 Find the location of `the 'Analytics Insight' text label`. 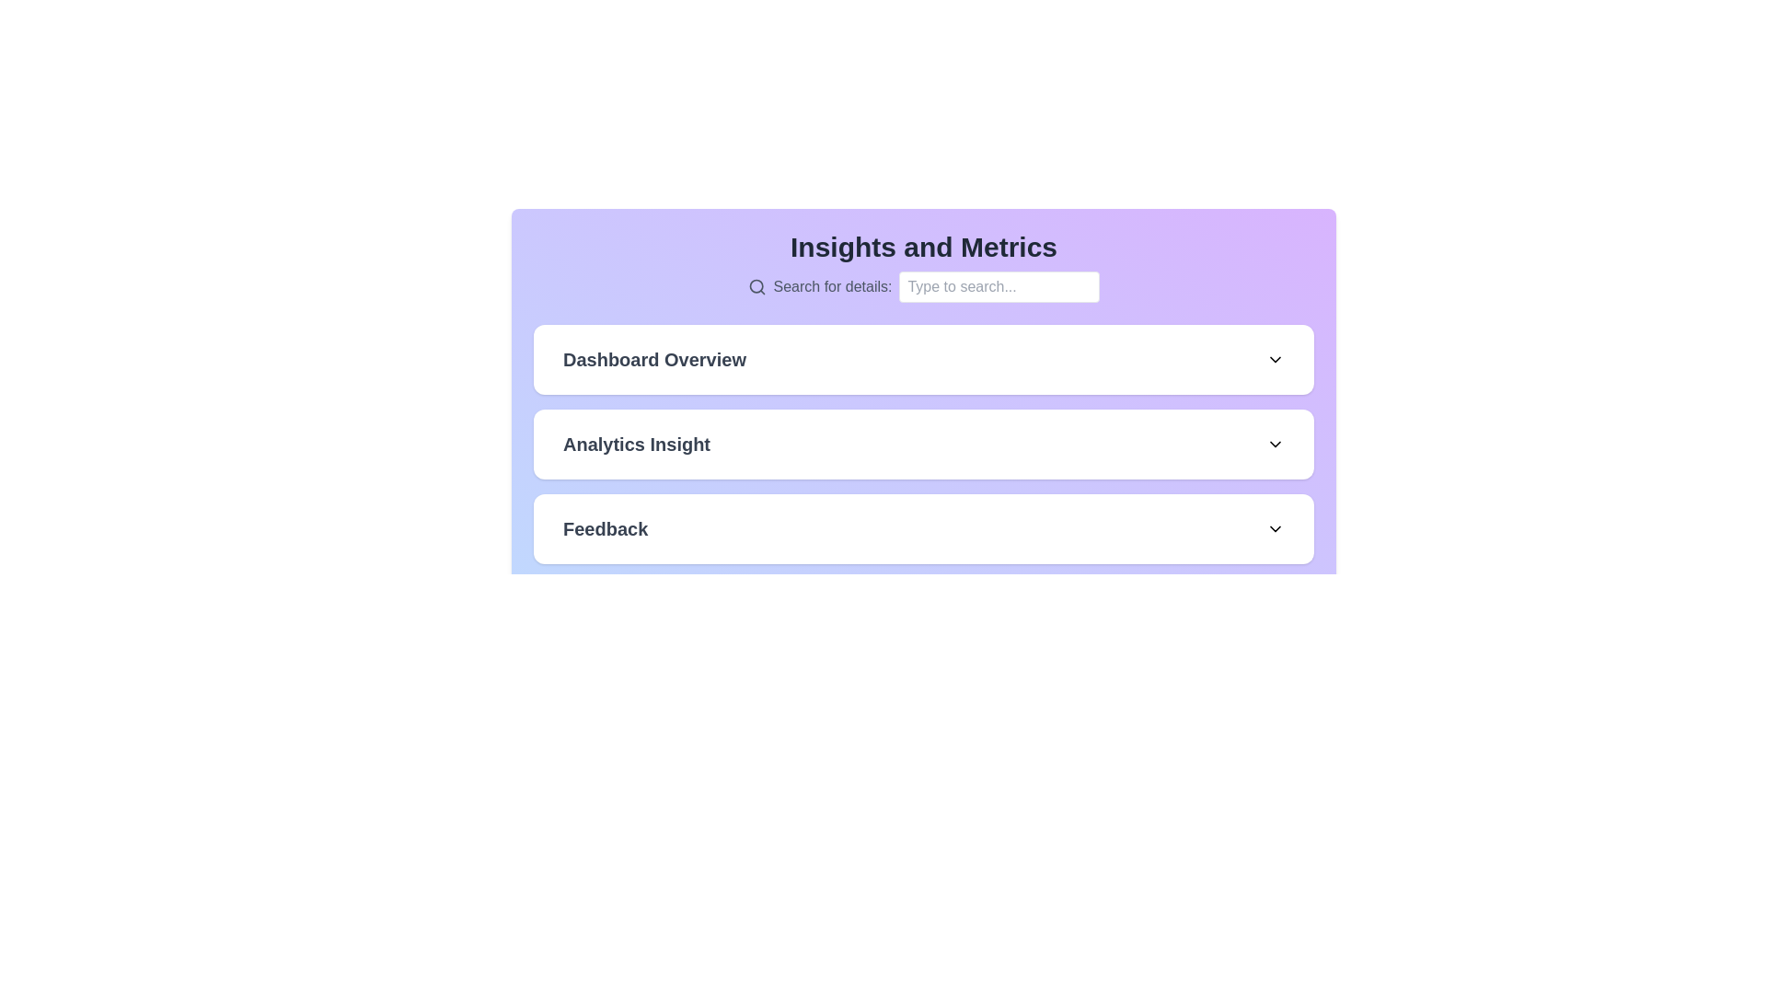

the 'Analytics Insight' text label is located at coordinates (636, 444).